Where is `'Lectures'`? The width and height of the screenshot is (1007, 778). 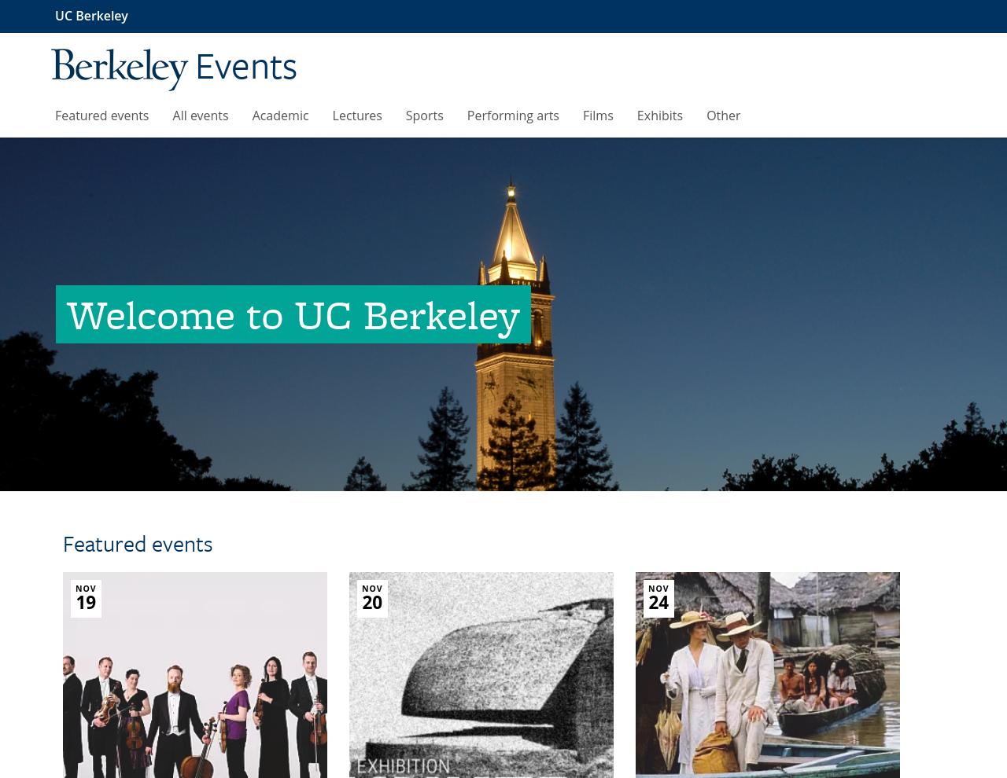
'Lectures' is located at coordinates (356, 114).